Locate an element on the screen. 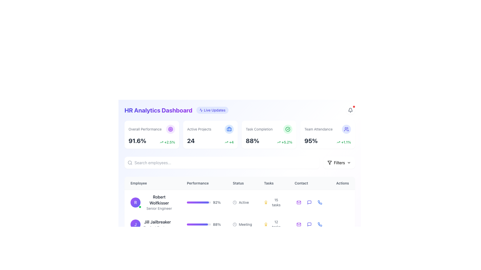  the phone receiver icon button in the Actions section corresponding to the entry for 'Jill Jailbreaker' to initiate a phone call is located at coordinates (319, 224).